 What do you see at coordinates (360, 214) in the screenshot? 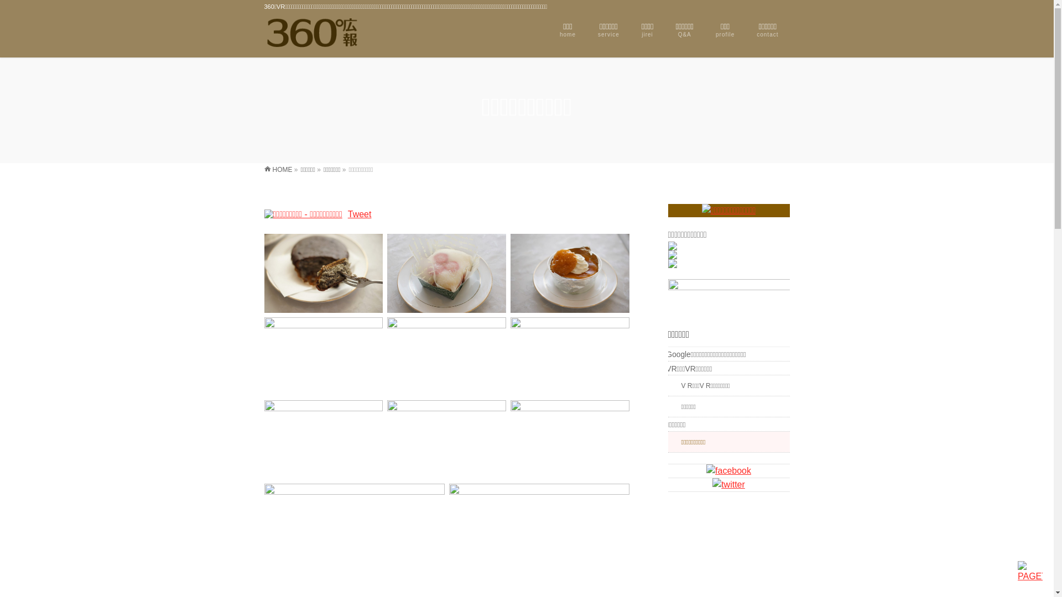
I see `'Tweet'` at bounding box center [360, 214].